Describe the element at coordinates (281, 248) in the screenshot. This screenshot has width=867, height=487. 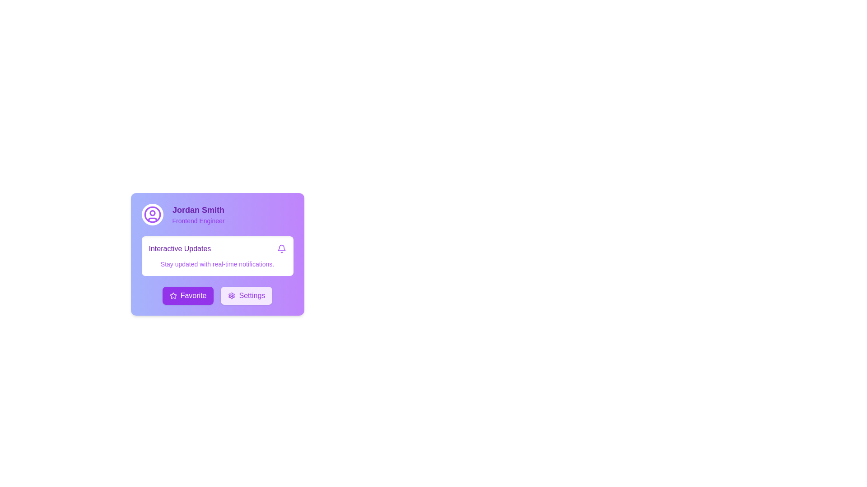
I see `the small purple notification bell icon located in the top-right corner of the 'Interactive Updates' panel` at that location.